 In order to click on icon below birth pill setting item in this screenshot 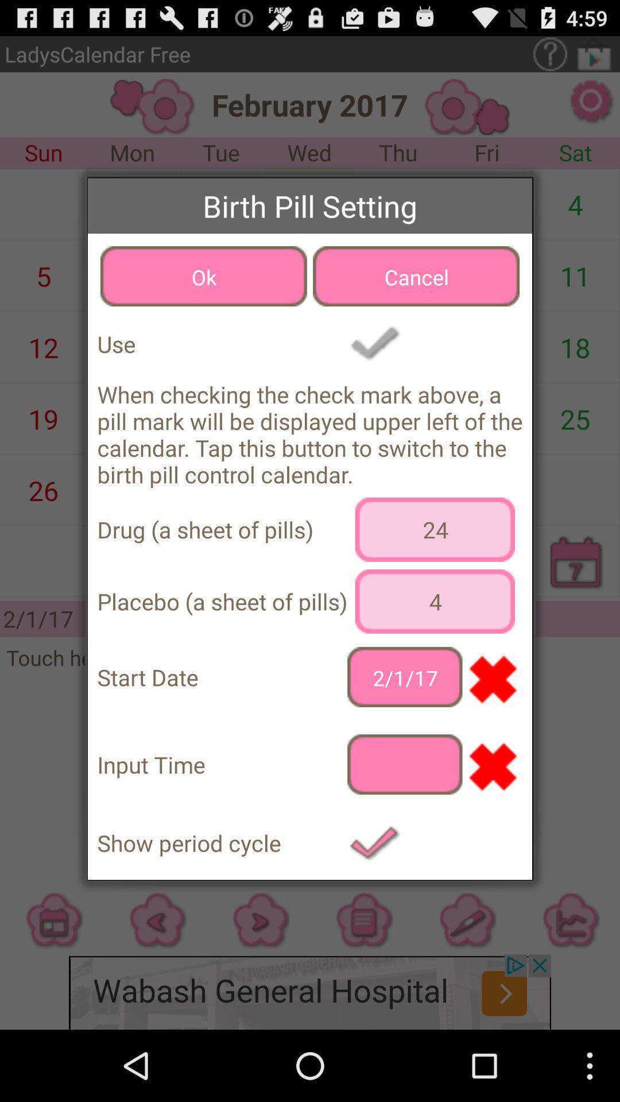, I will do `click(203, 276)`.